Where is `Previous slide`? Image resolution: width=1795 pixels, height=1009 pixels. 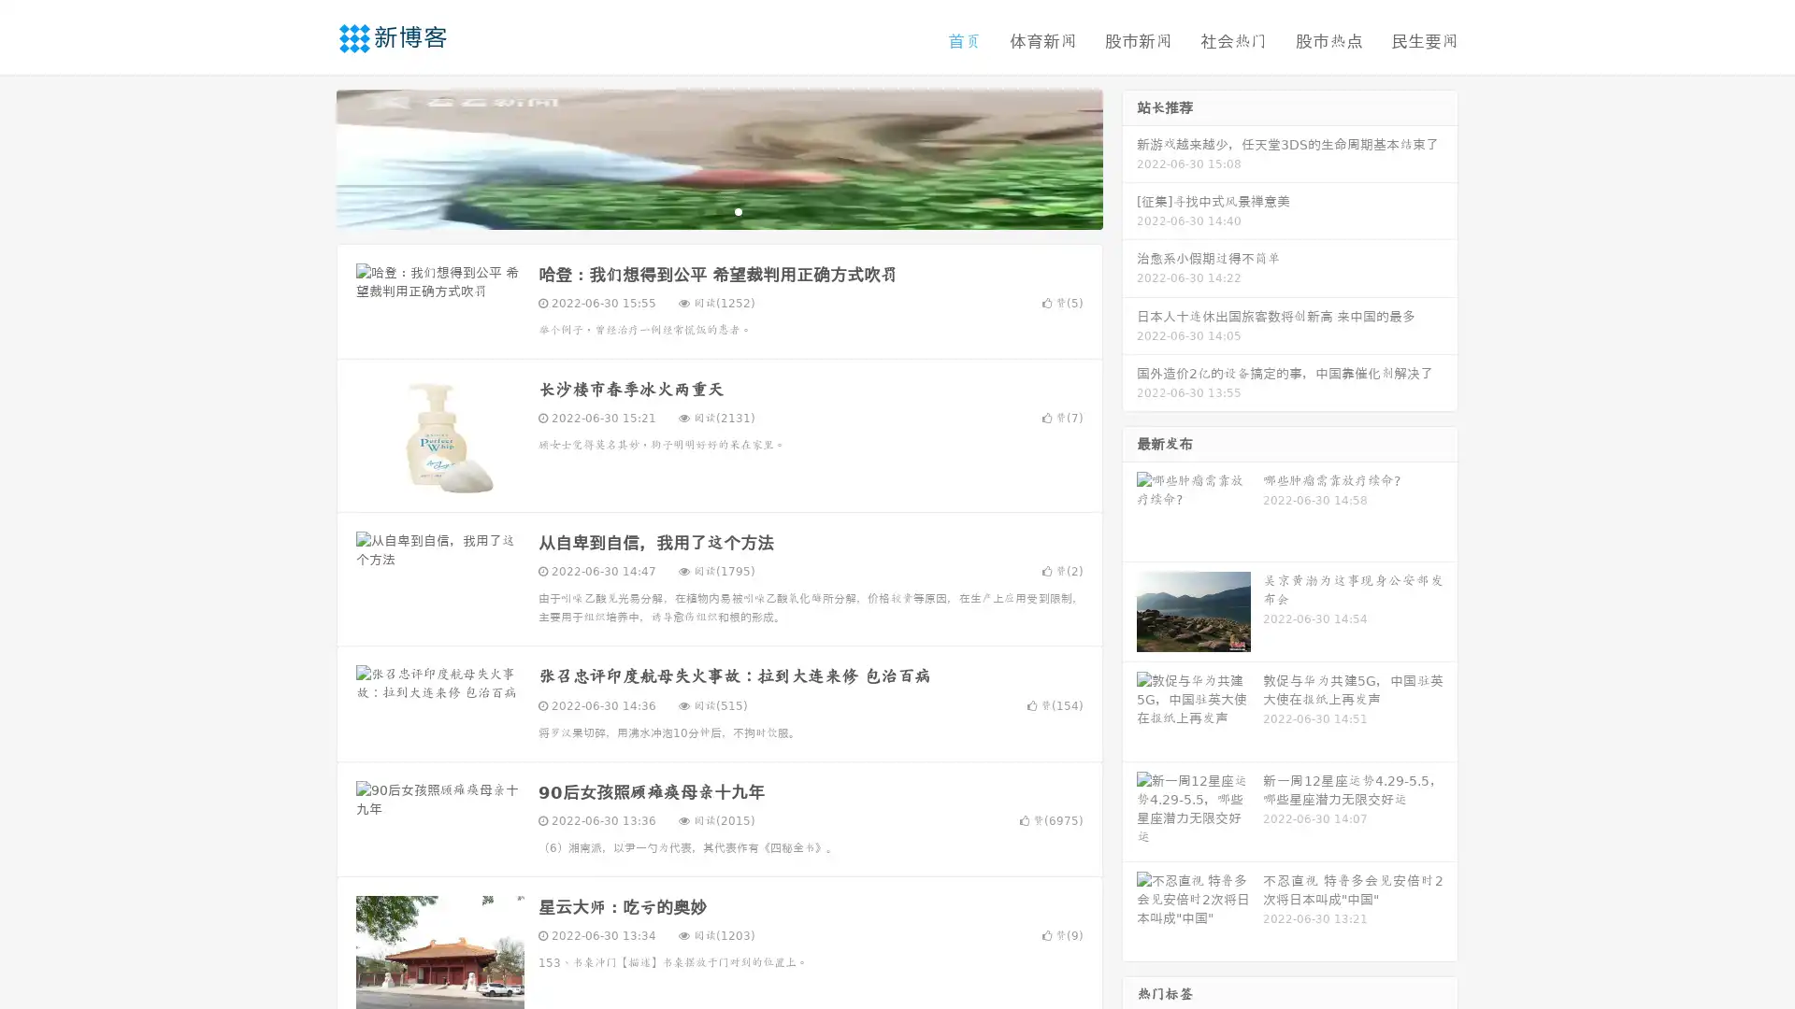 Previous slide is located at coordinates (309, 157).